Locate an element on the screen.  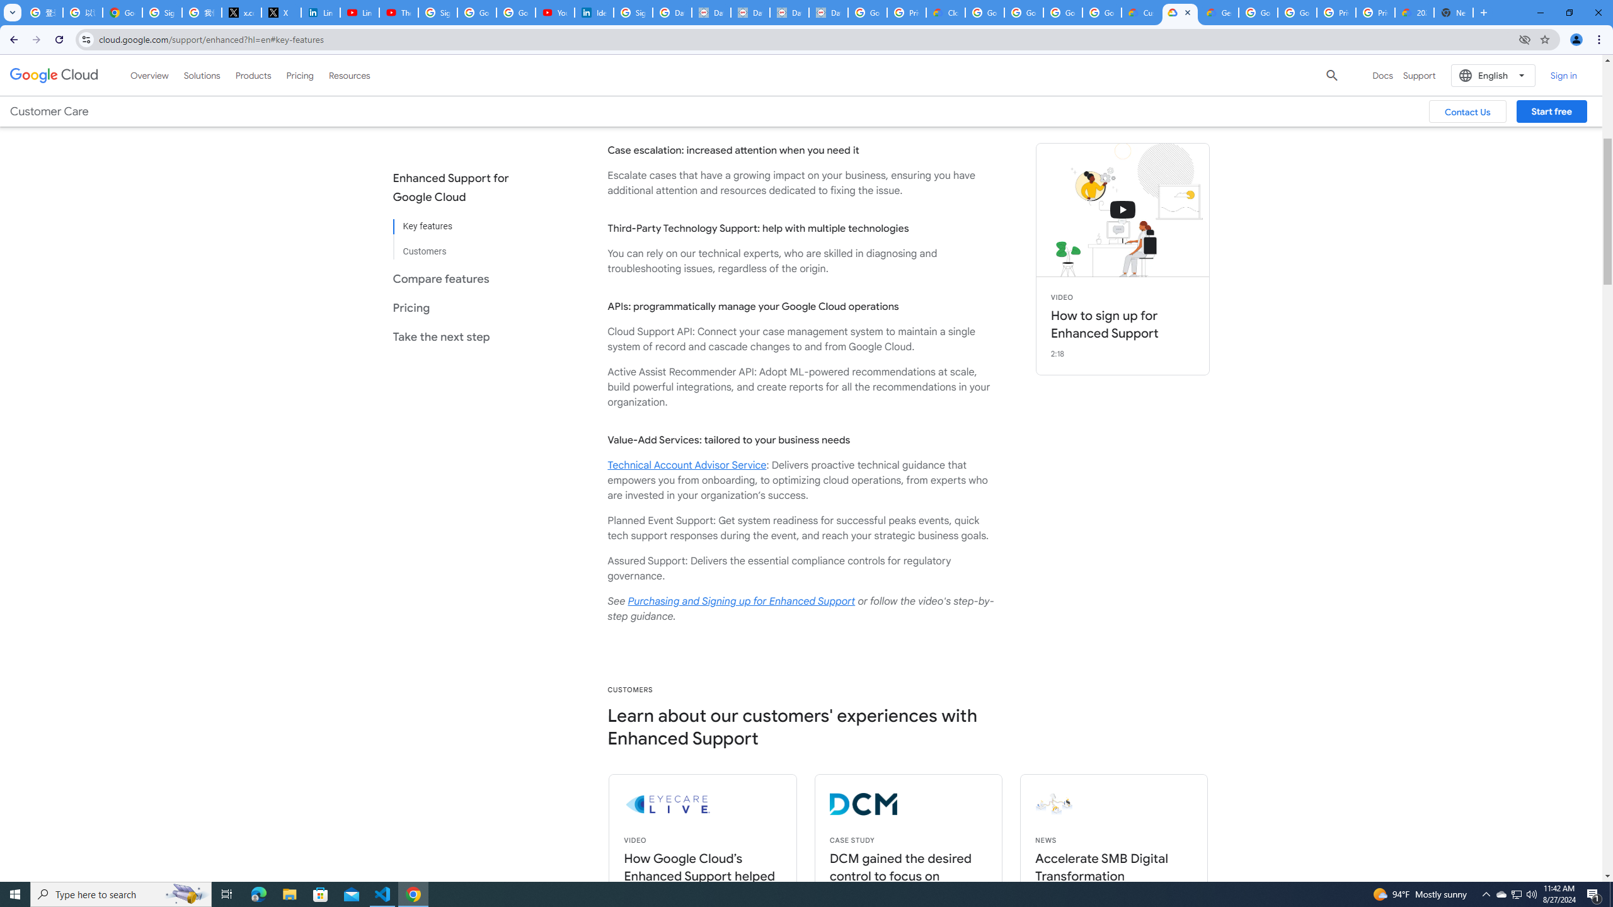
'Google Workspace - Specific Terms' is located at coordinates (1063, 12).